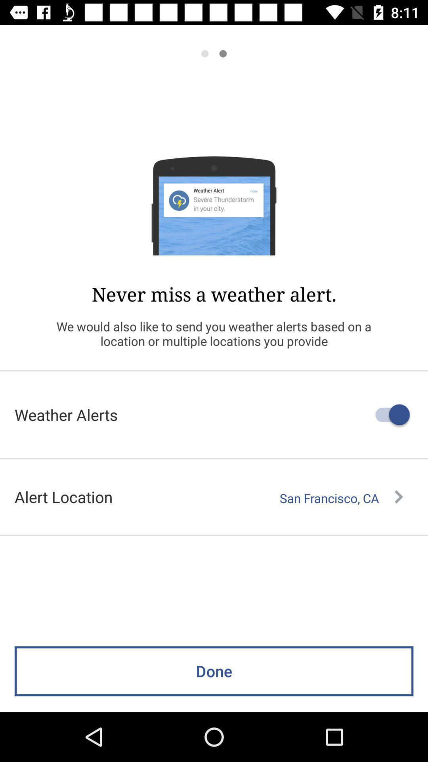 Image resolution: width=428 pixels, height=762 pixels. I want to click on san francisco, ca, so click(341, 498).